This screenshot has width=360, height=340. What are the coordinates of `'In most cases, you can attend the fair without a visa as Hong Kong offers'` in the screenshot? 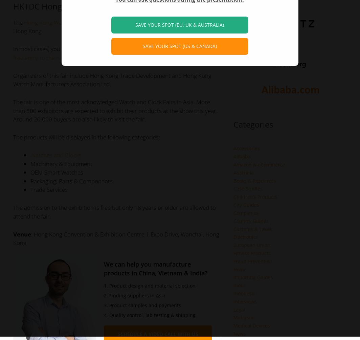 It's located at (106, 49).